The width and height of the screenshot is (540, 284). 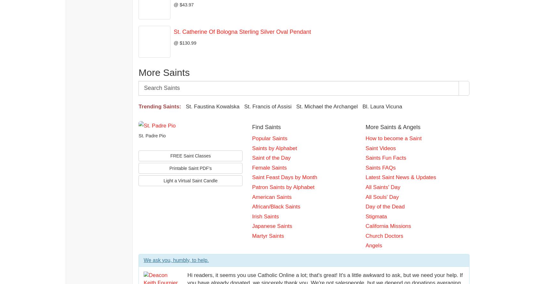 I want to click on 'Stigmata', so click(x=376, y=216).